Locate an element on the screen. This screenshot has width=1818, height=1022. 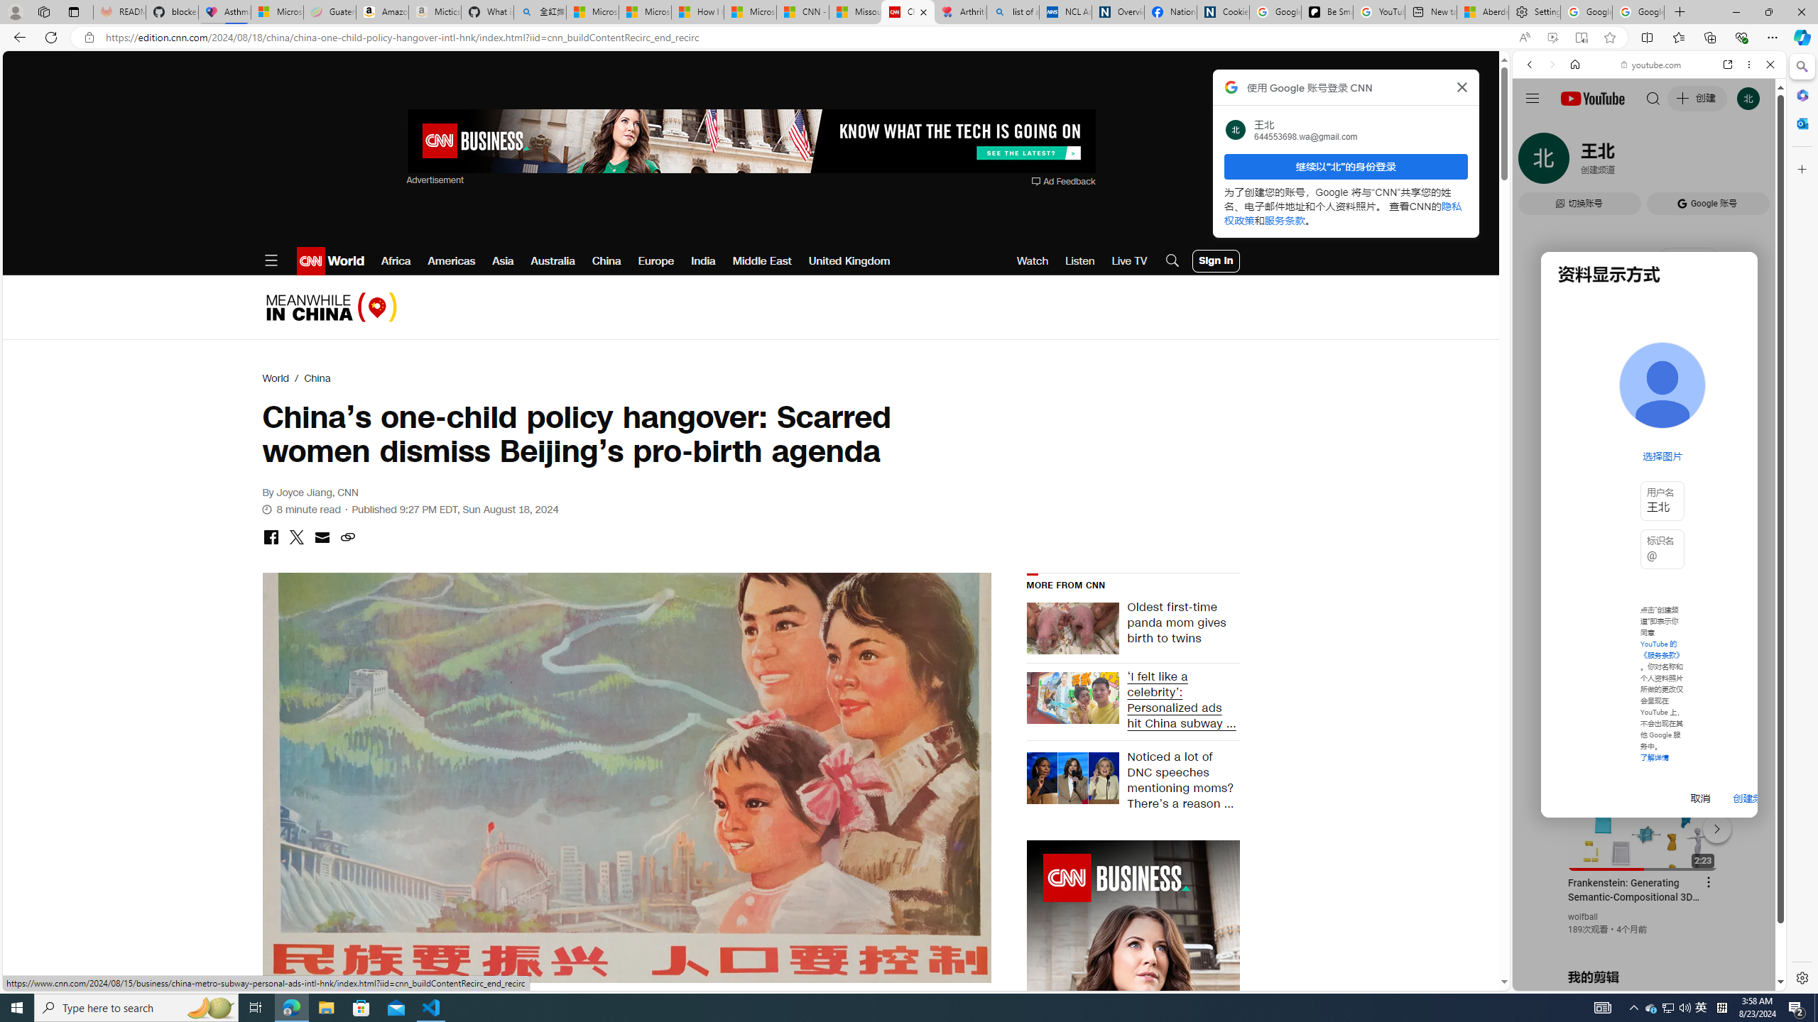
'Africa' is located at coordinates (396, 260).